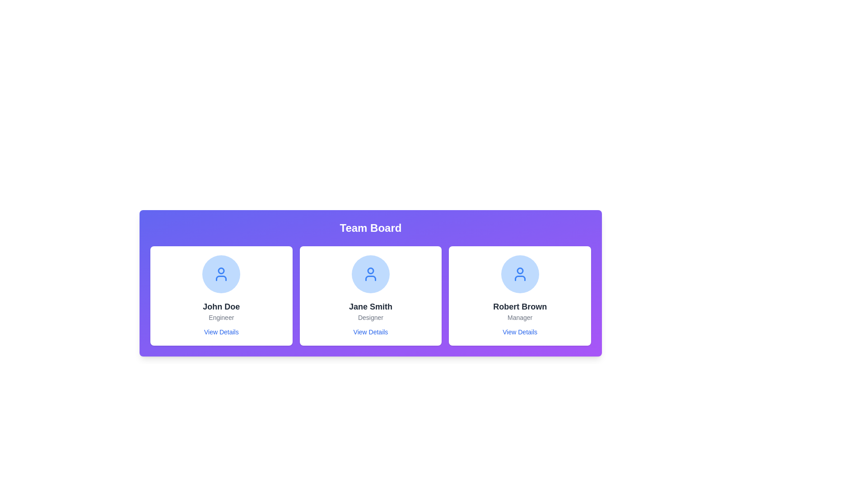 The width and height of the screenshot is (867, 488). I want to click on the text label 'John Doe' which is displayed in bold black font and is positioned within the first card, directly below the avatar icon and above the job description 'Engineer', so click(221, 306).